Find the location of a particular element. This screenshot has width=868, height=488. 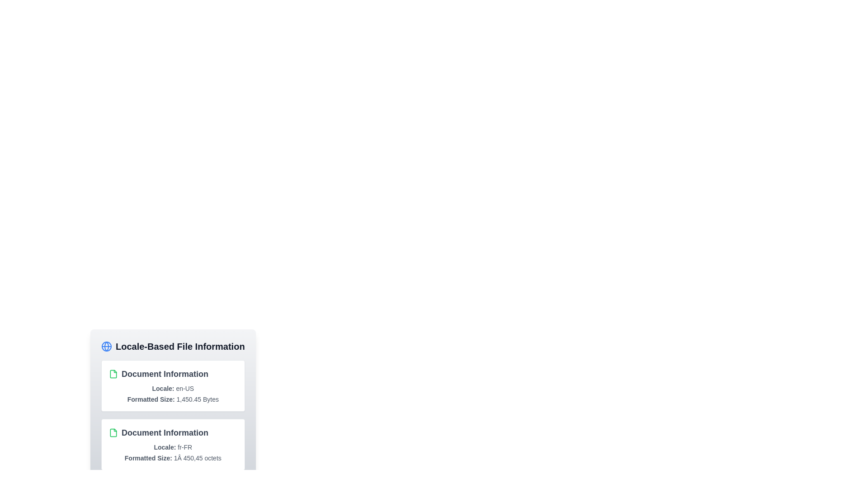

the text label located at the top of the second bordered section, which indicates the title of the information contained within its enclosing section is located at coordinates (173, 432).